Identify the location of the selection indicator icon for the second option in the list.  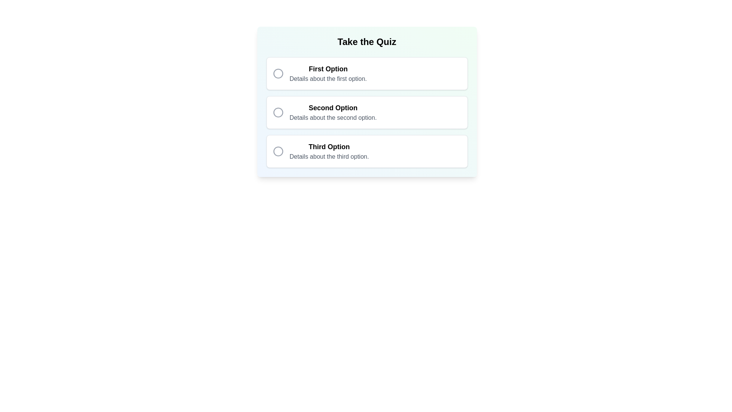
(278, 112).